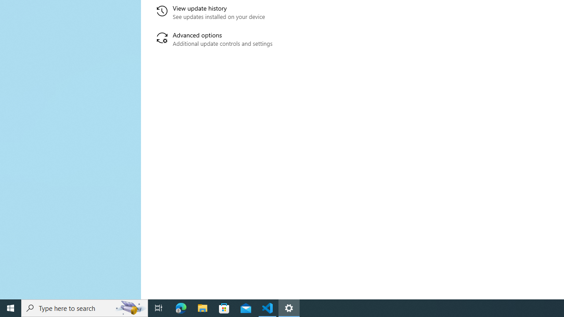 This screenshot has height=317, width=564. Describe the element at coordinates (85, 307) in the screenshot. I see `'Type here to search'` at that location.